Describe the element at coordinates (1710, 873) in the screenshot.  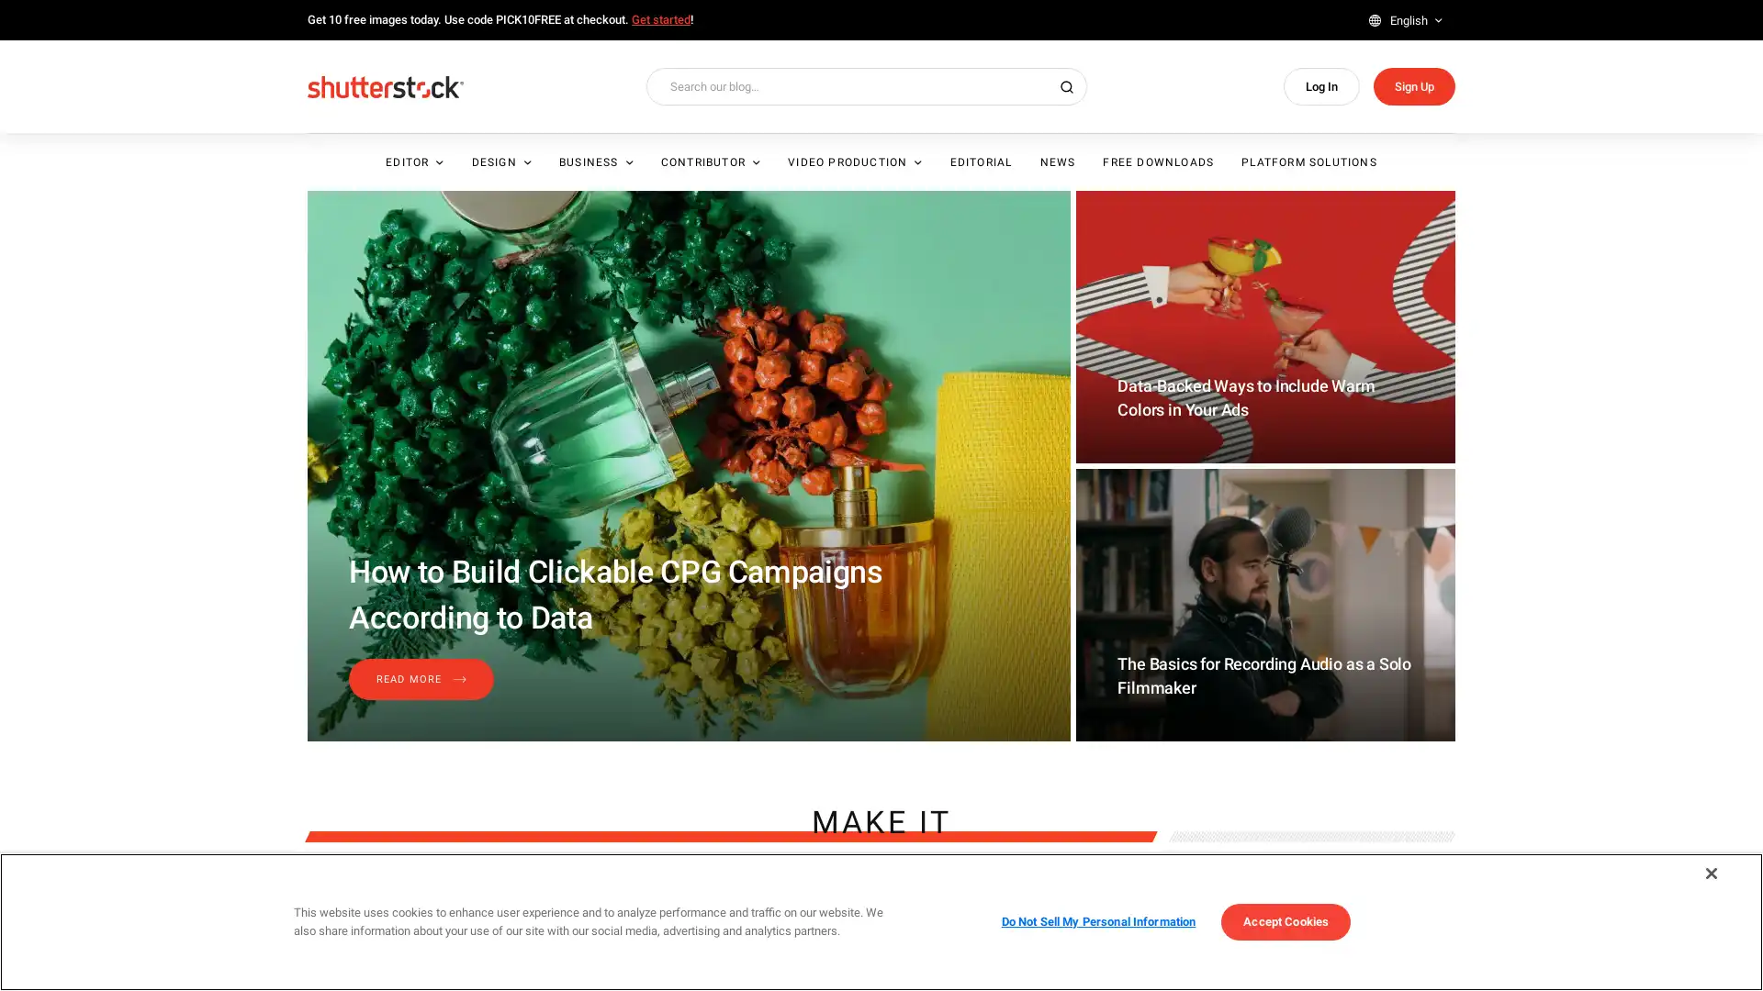
I see `Close` at that location.